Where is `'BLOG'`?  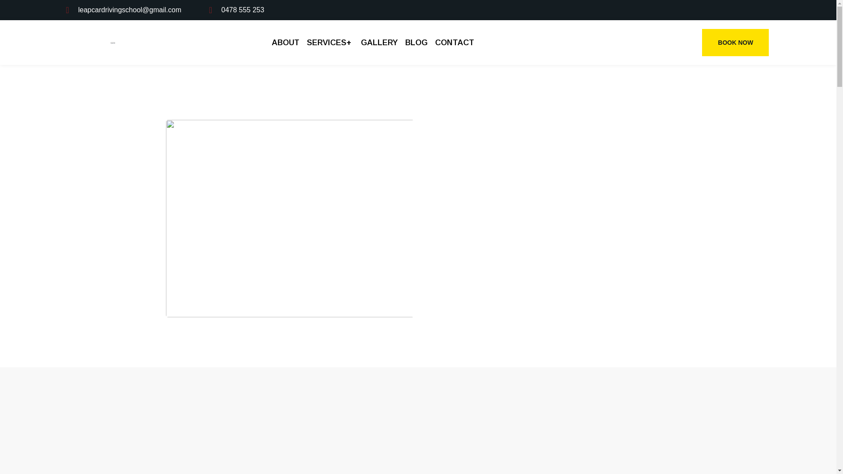
'BLOG' is located at coordinates (416, 42).